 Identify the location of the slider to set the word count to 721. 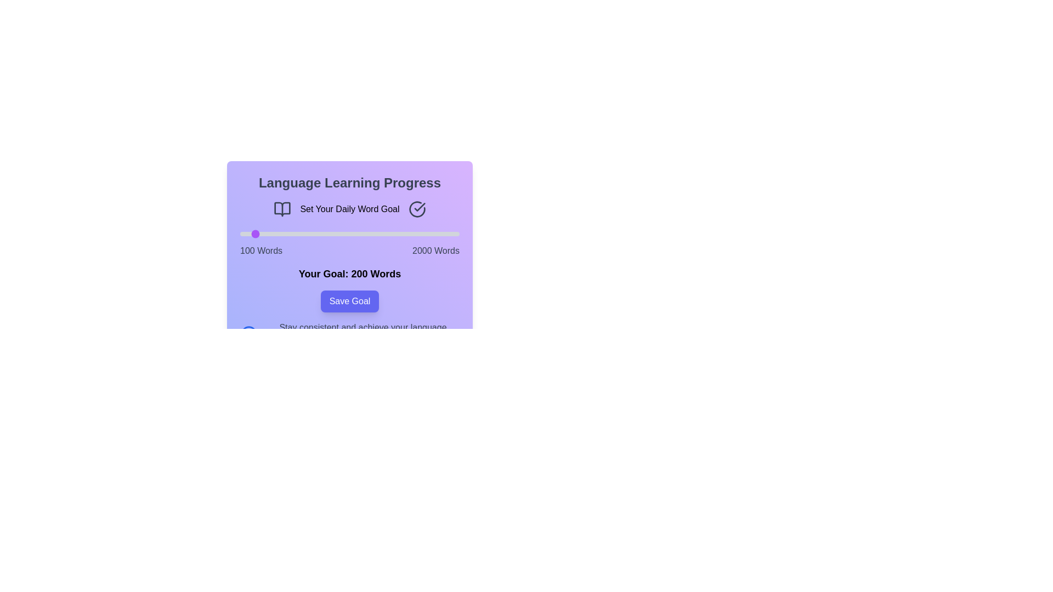
(311, 234).